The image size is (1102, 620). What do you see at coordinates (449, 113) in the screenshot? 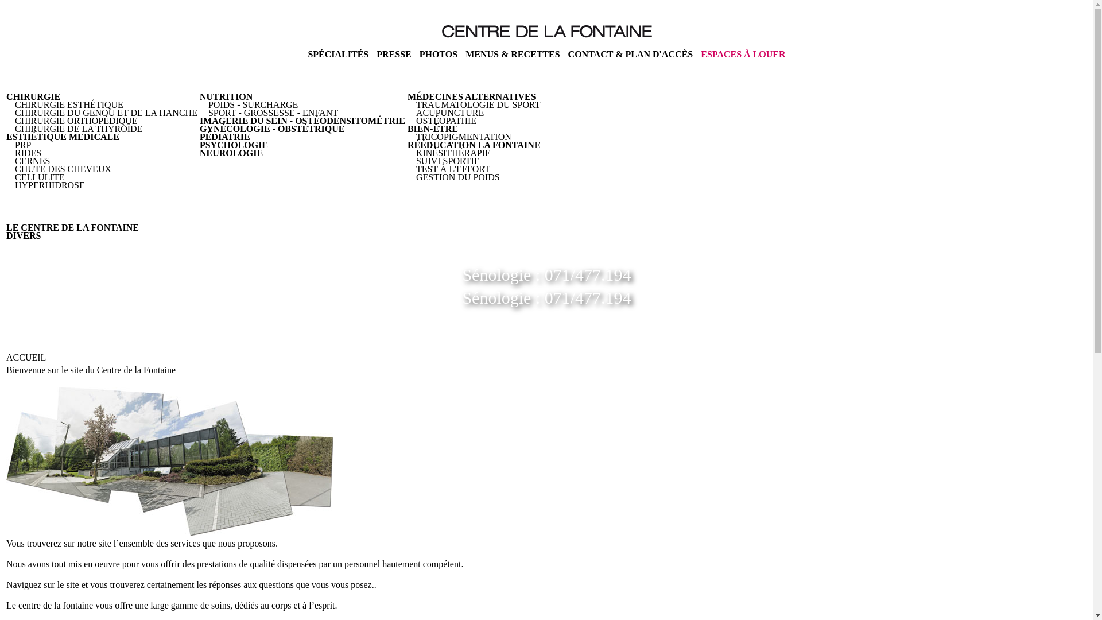
I see `'ACUPUNCTURE'` at bounding box center [449, 113].